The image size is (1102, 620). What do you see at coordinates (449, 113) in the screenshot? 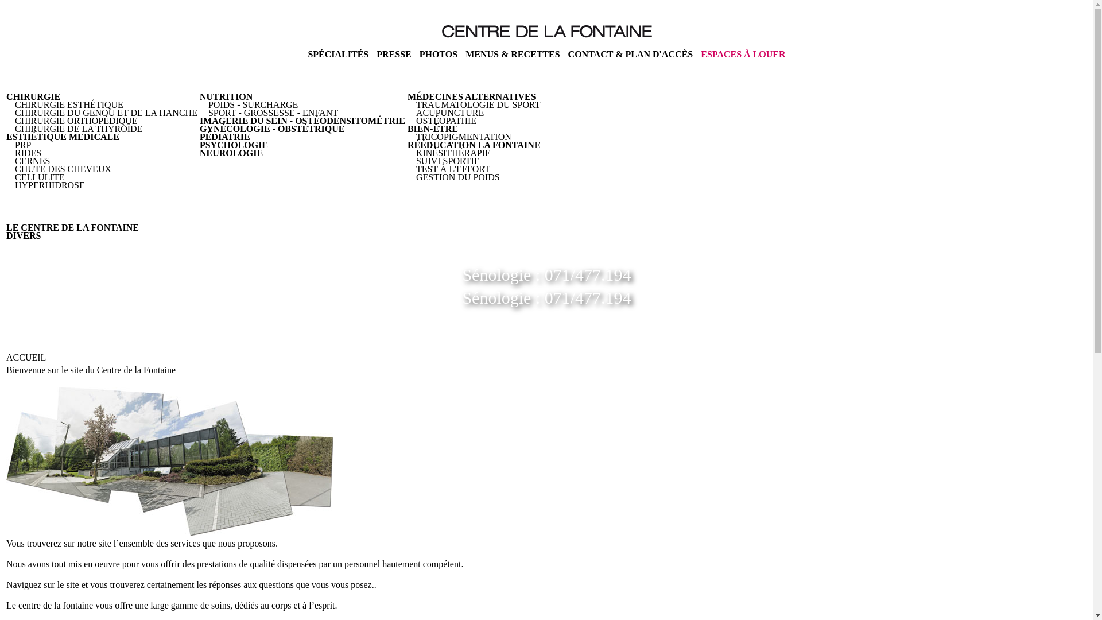
I see `'ACUPUNCTURE'` at bounding box center [449, 113].